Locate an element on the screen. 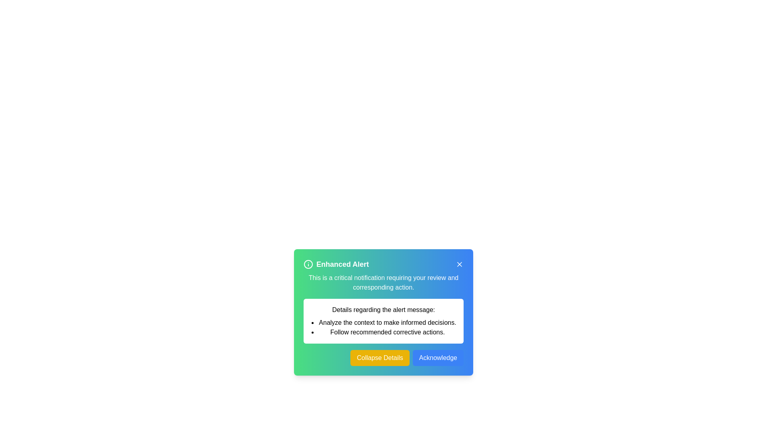 This screenshot has width=768, height=432. the Header with icon located at the top left corner of the notification panel, which features a distinctive green to blue gradient background is located at coordinates (336, 264).